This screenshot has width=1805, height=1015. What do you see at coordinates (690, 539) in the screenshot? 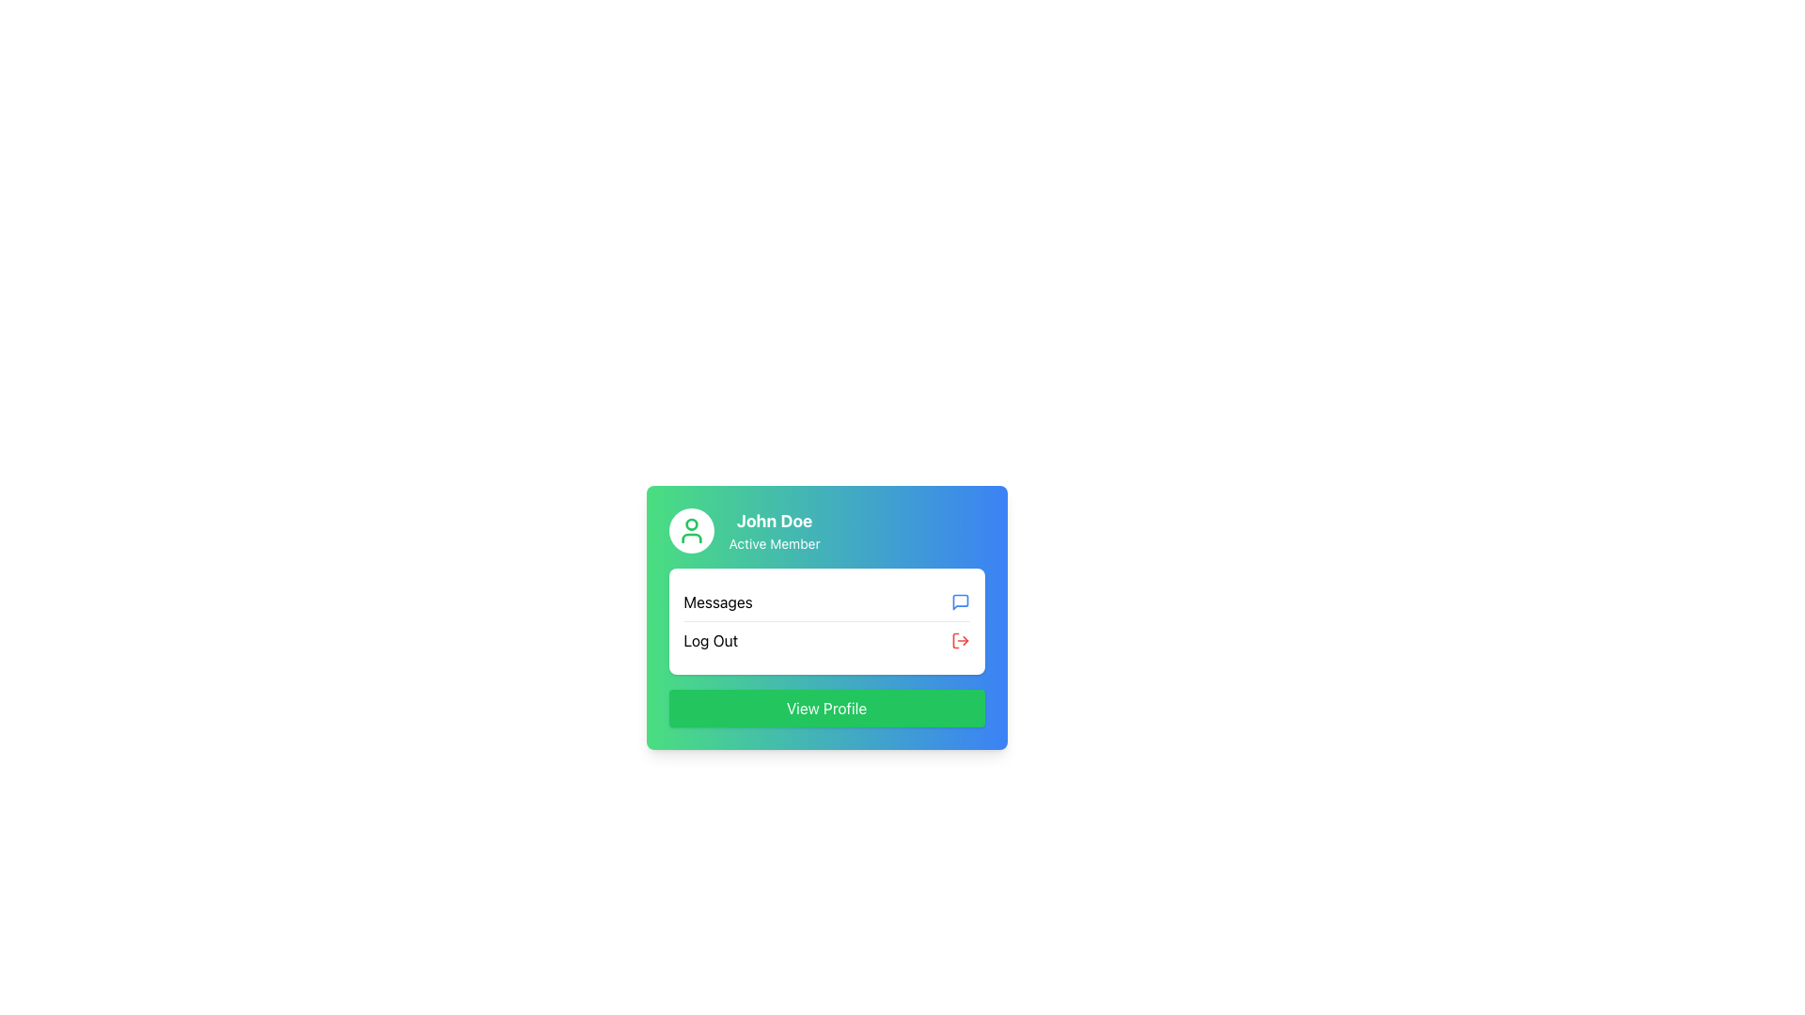
I see `the curved line forming part of the lower segment of the abstract user profile icon in the pop-up interface` at bounding box center [690, 539].